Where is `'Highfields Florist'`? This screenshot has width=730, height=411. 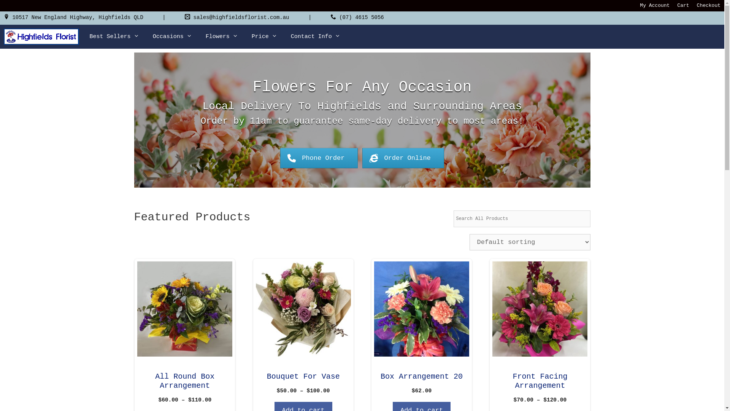
'Highfields Florist' is located at coordinates (41, 36).